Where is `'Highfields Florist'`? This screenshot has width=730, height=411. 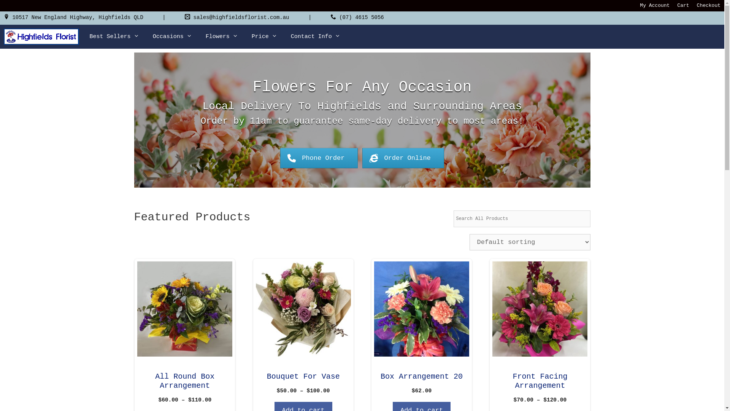
'Highfields Florist' is located at coordinates (41, 36).